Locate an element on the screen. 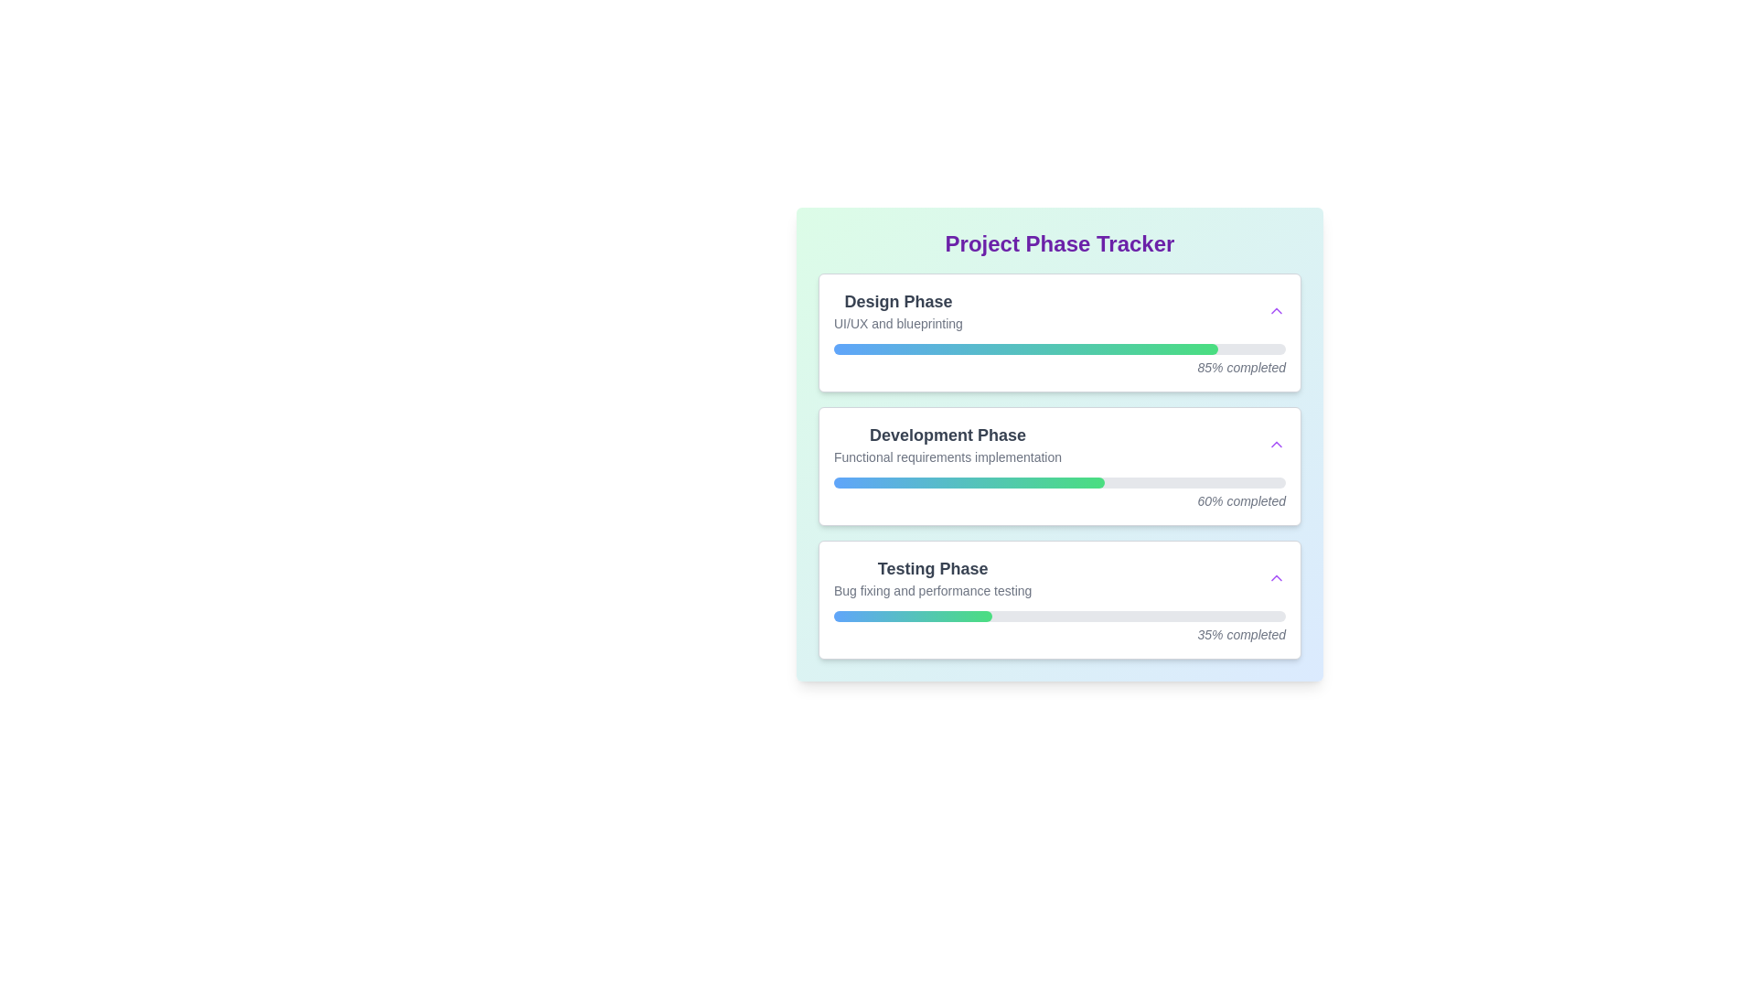  the horizontal progress bar with a blue to green gradient fill located in the 'Design Phase' section of the 'Project Phase Tracker' card is located at coordinates (1059, 349).